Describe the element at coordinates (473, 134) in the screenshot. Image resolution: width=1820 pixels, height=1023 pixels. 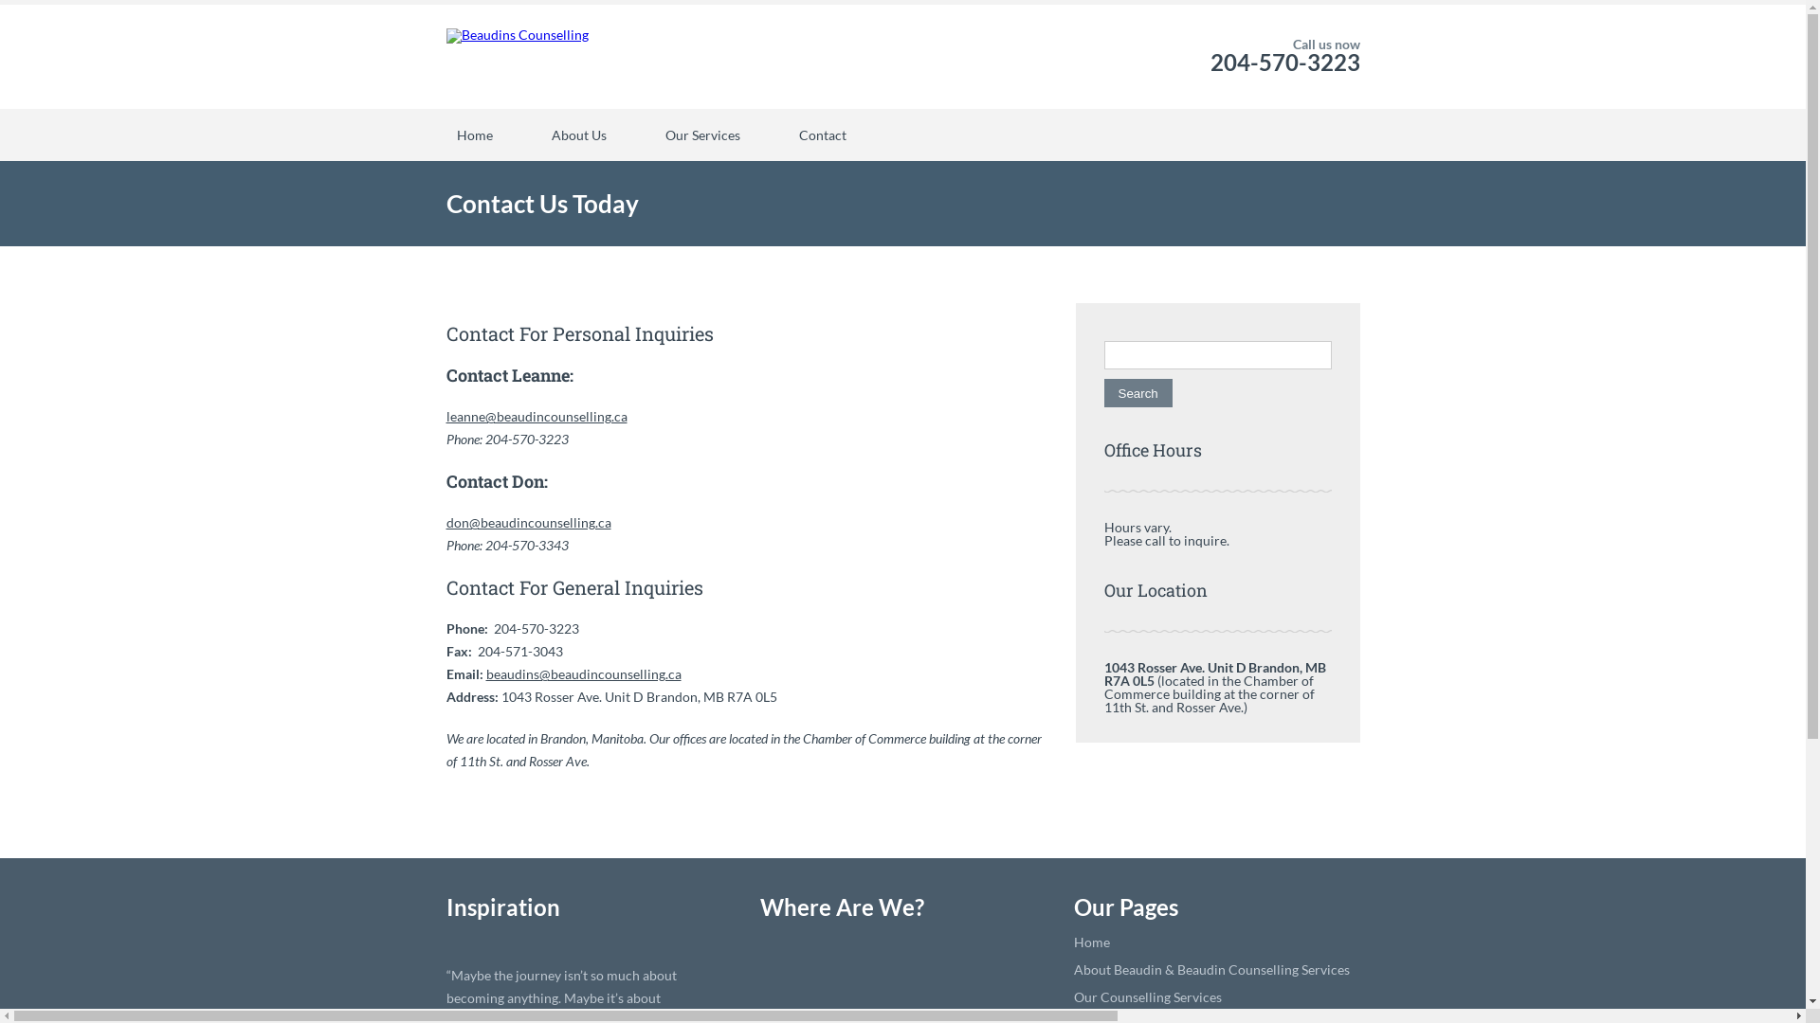
I see `'Home'` at that location.